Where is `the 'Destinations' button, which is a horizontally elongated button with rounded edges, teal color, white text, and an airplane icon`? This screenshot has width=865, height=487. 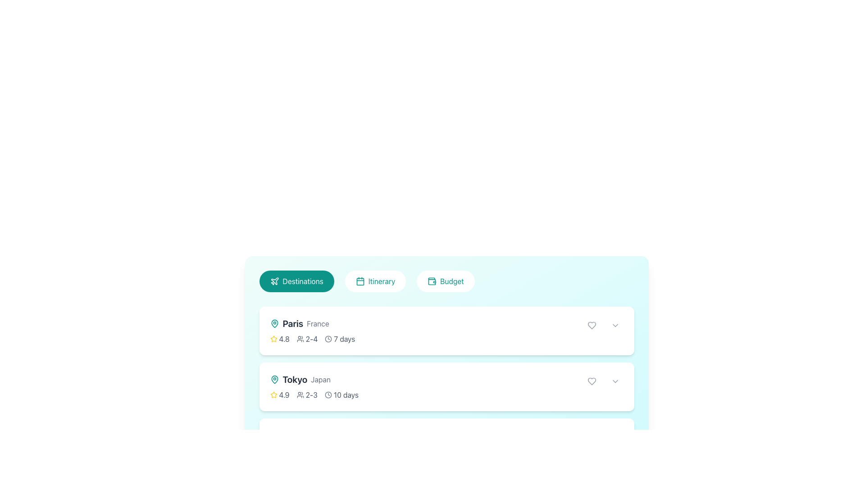 the 'Destinations' button, which is a horizontally elongated button with rounded edges, teal color, white text, and an airplane icon is located at coordinates (296, 281).